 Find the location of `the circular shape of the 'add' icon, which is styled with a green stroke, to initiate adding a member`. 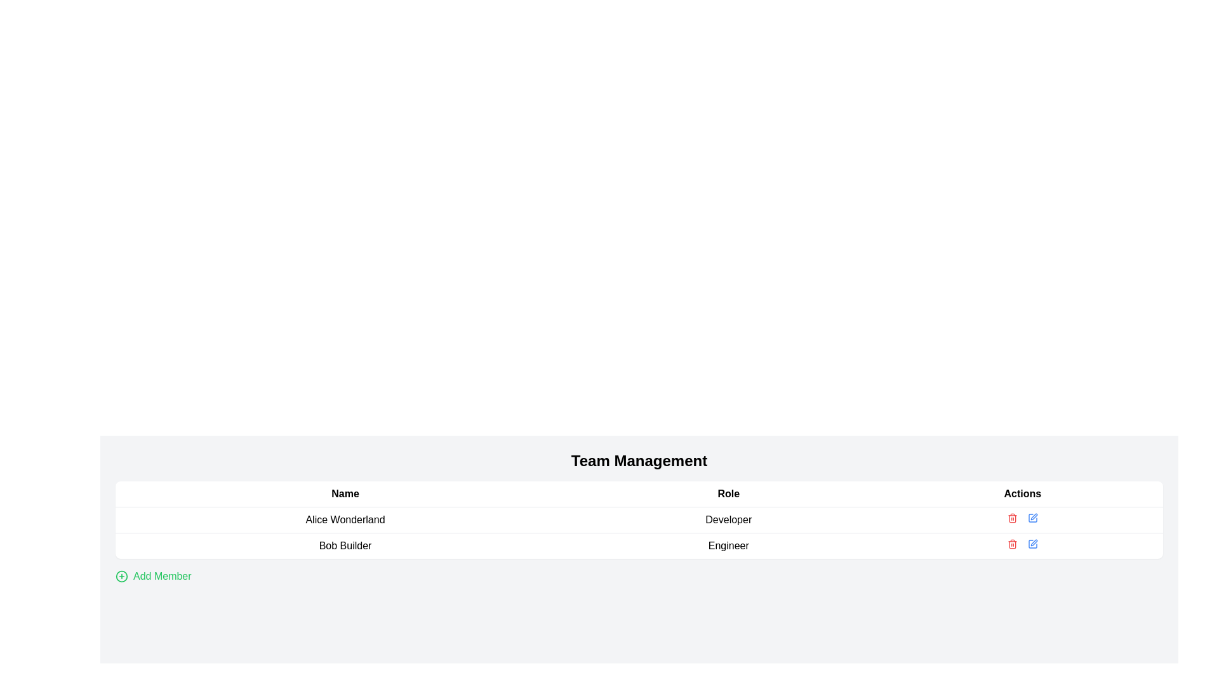

the circular shape of the 'add' icon, which is styled with a green stroke, to initiate adding a member is located at coordinates (122, 577).